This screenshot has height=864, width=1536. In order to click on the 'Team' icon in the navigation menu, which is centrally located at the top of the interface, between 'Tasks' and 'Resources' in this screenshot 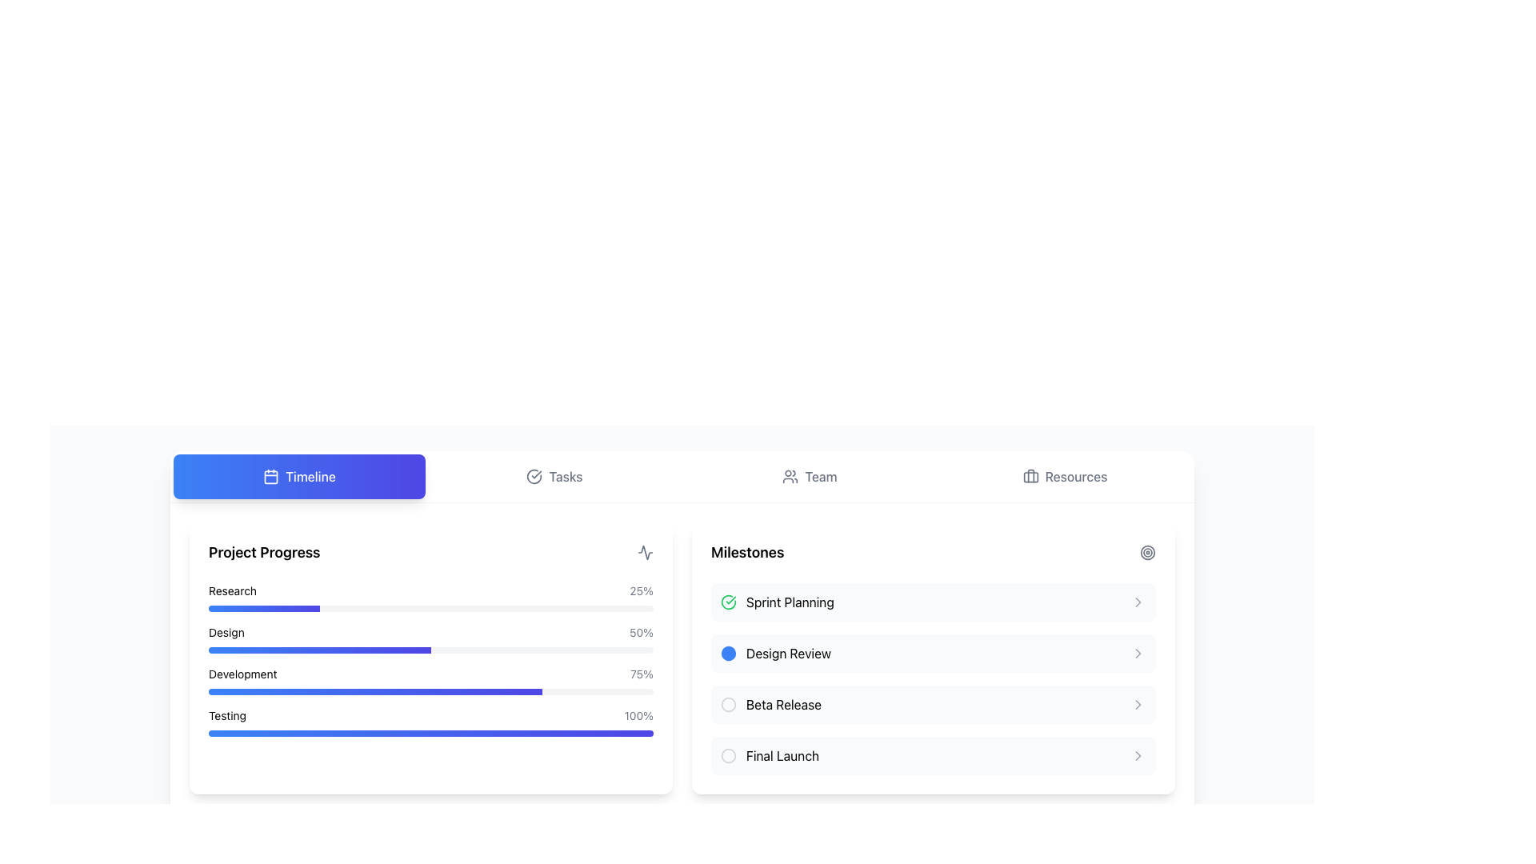, I will do `click(790, 476)`.